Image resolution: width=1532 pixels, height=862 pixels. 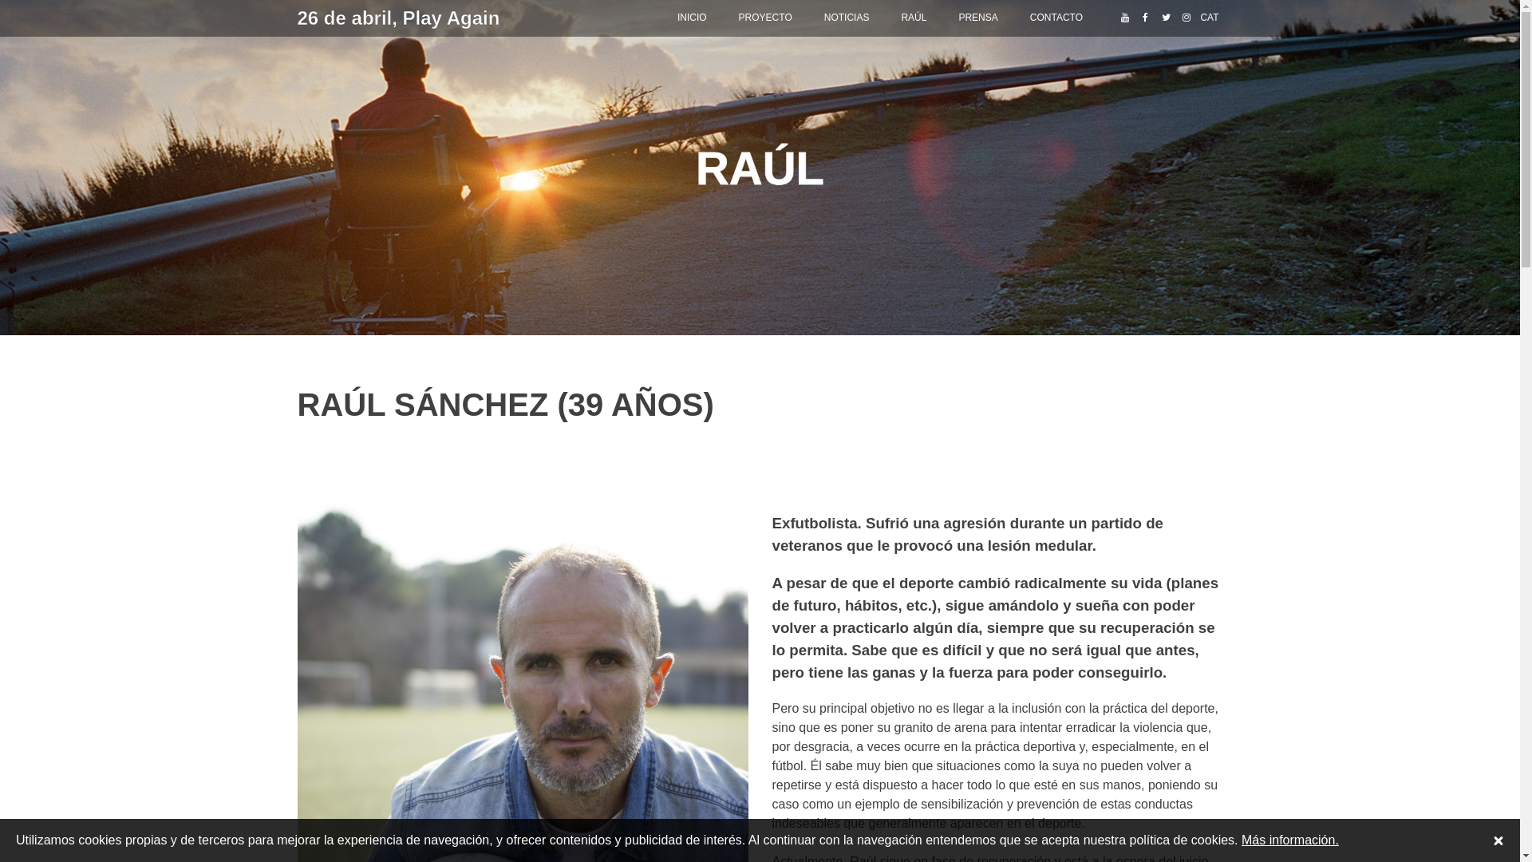 I want to click on 'CAT', so click(x=1209, y=18).